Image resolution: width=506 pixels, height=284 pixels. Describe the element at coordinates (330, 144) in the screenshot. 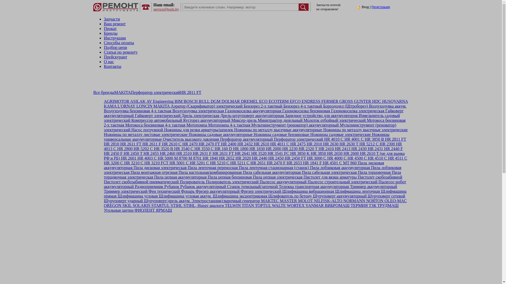

I see `'HR 2630'` at that location.